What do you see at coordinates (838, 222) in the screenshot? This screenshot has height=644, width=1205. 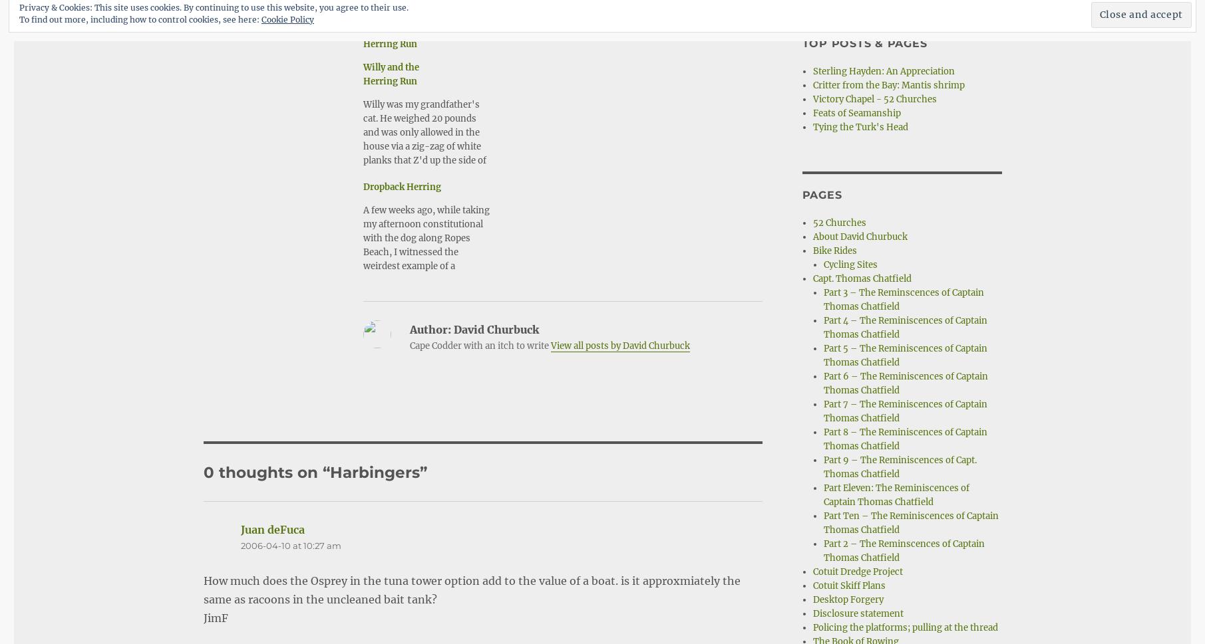 I see `'52 Churches'` at bounding box center [838, 222].